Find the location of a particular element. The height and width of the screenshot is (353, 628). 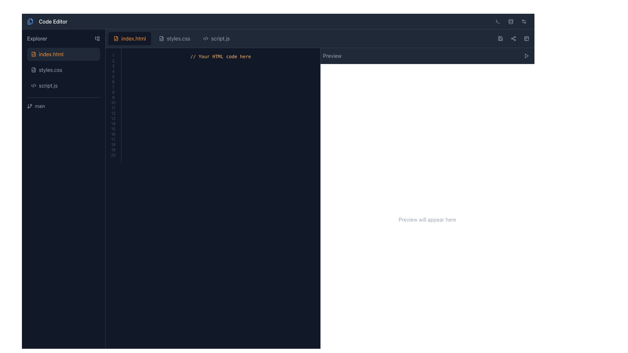

the settings button located at the top-right corner of the interface, which is the last item in a row of three icons is located at coordinates (524, 21).